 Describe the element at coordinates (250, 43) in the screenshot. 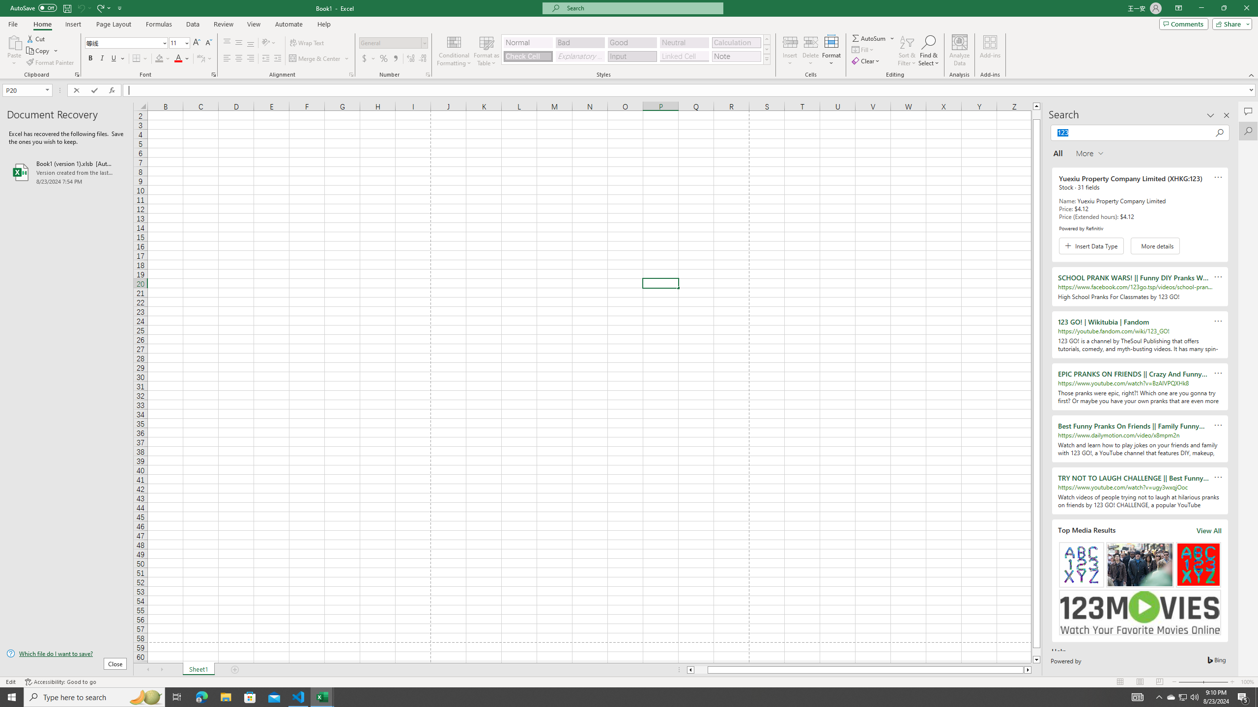

I see `'Bottom Align'` at that location.